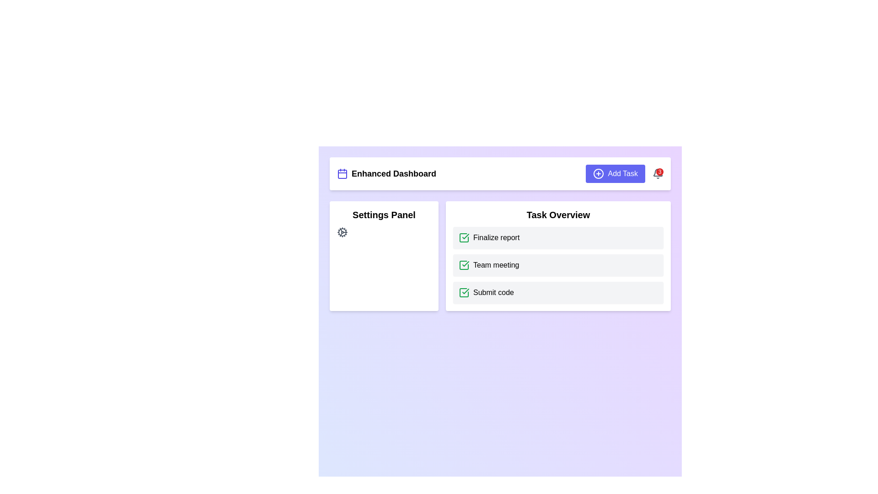 This screenshot has height=494, width=878. Describe the element at coordinates (599, 174) in the screenshot. I see `the SVG circle element that forms the base of the 'Add Task' button icon located in the top navigation bar` at that location.